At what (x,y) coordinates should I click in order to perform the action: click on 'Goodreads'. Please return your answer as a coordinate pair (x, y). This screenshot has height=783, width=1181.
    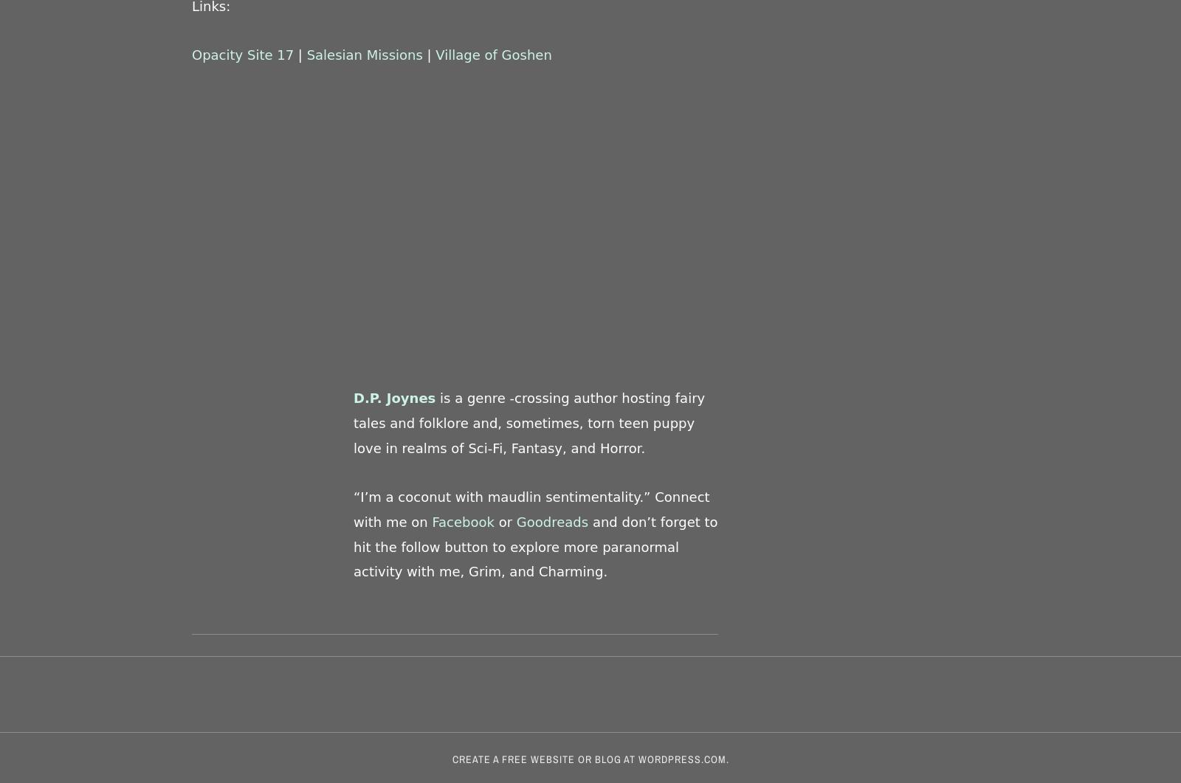
    Looking at the image, I should click on (516, 520).